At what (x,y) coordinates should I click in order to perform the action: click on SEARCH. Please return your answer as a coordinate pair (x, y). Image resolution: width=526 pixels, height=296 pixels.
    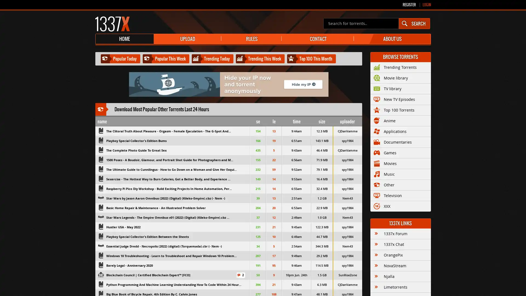
    Looking at the image, I should click on (414, 23).